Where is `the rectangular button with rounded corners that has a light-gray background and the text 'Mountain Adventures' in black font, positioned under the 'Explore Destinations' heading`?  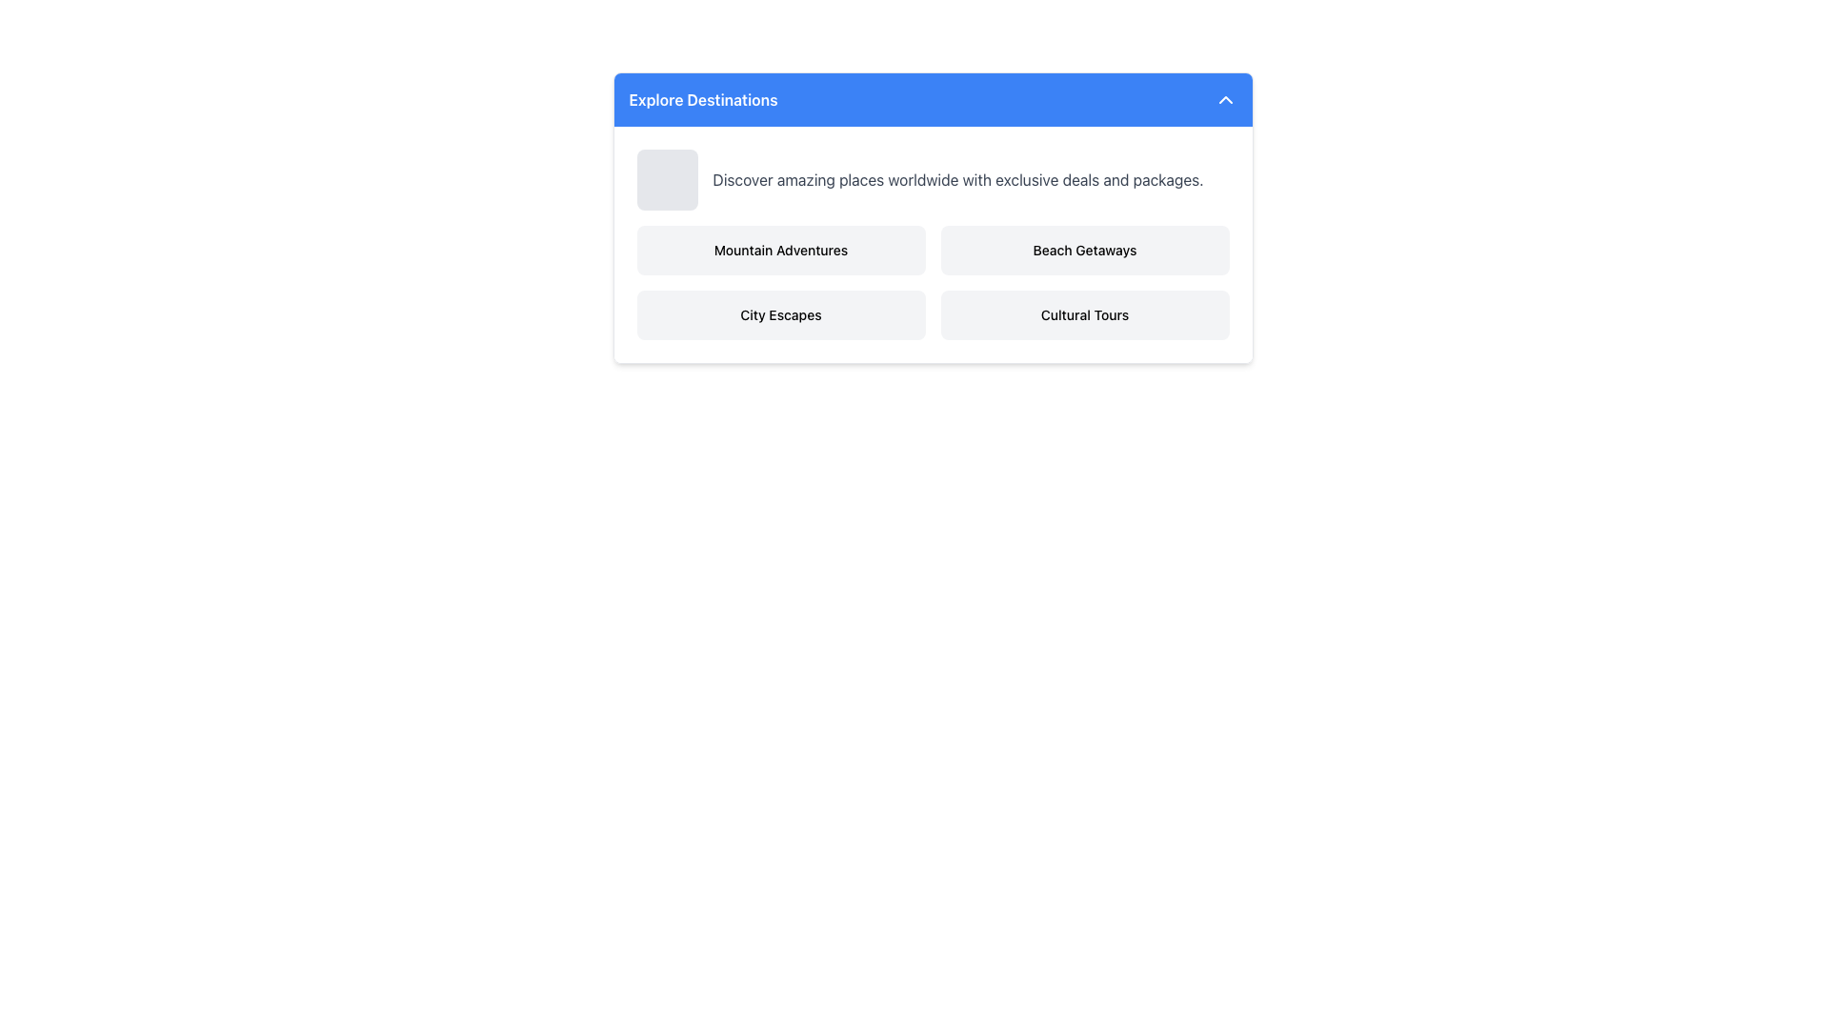 the rectangular button with rounded corners that has a light-gray background and the text 'Mountain Adventures' in black font, positioned under the 'Explore Destinations' heading is located at coordinates (781, 249).